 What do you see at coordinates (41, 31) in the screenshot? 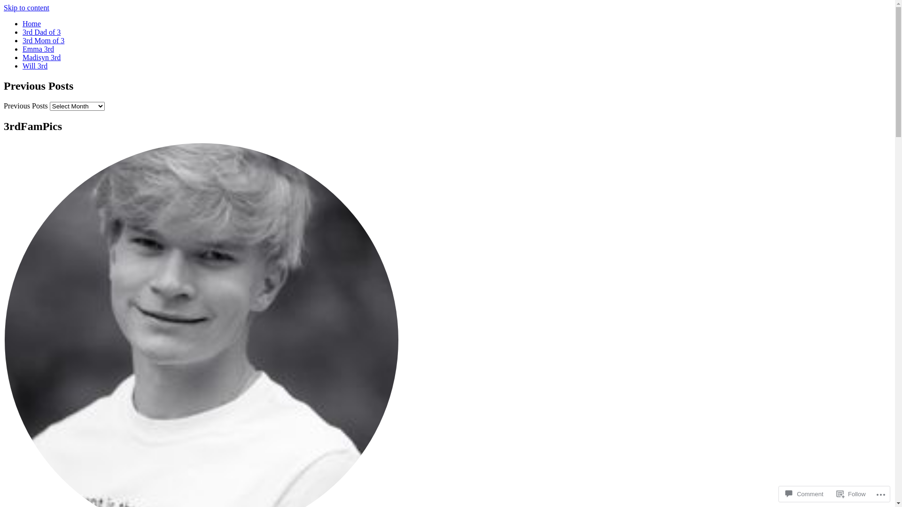
I see `'3rd Dad of 3'` at bounding box center [41, 31].